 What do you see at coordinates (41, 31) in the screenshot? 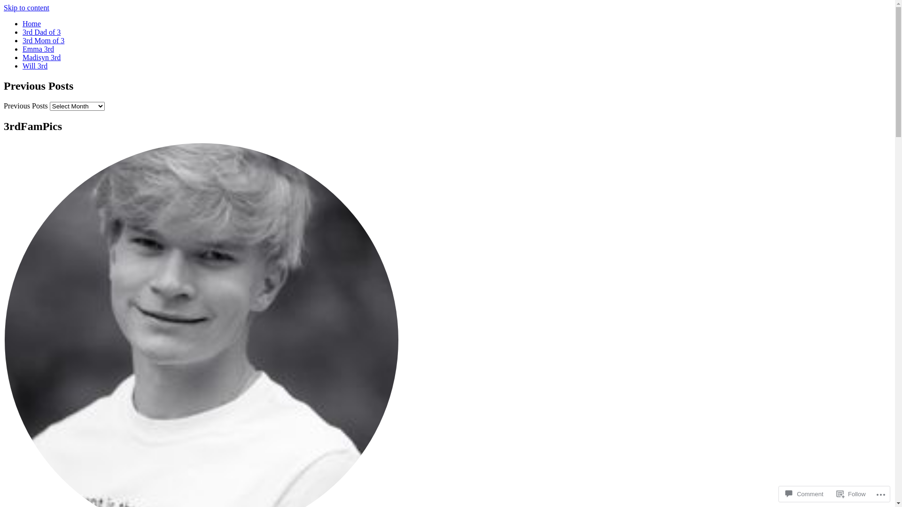
I see `'3rd Dad of 3'` at bounding box center [41, 31].